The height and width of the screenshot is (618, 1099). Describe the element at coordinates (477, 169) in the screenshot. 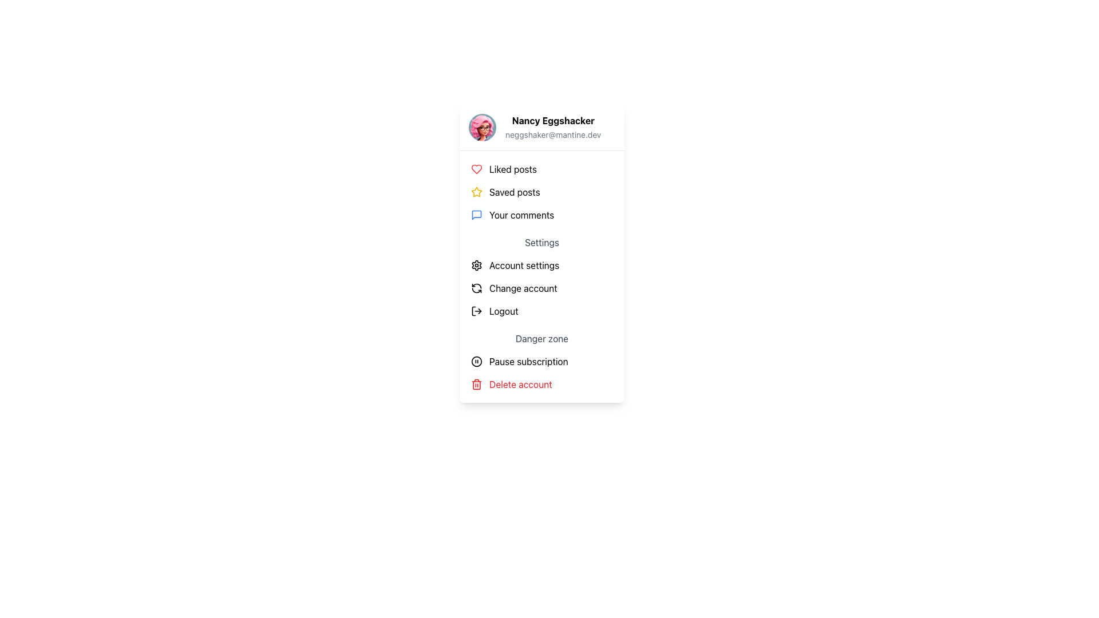

I see `the 'Liked posts' icon, which is the first icon in the dropdown menu, located to the left of the text 'Liked posts'` at that location.